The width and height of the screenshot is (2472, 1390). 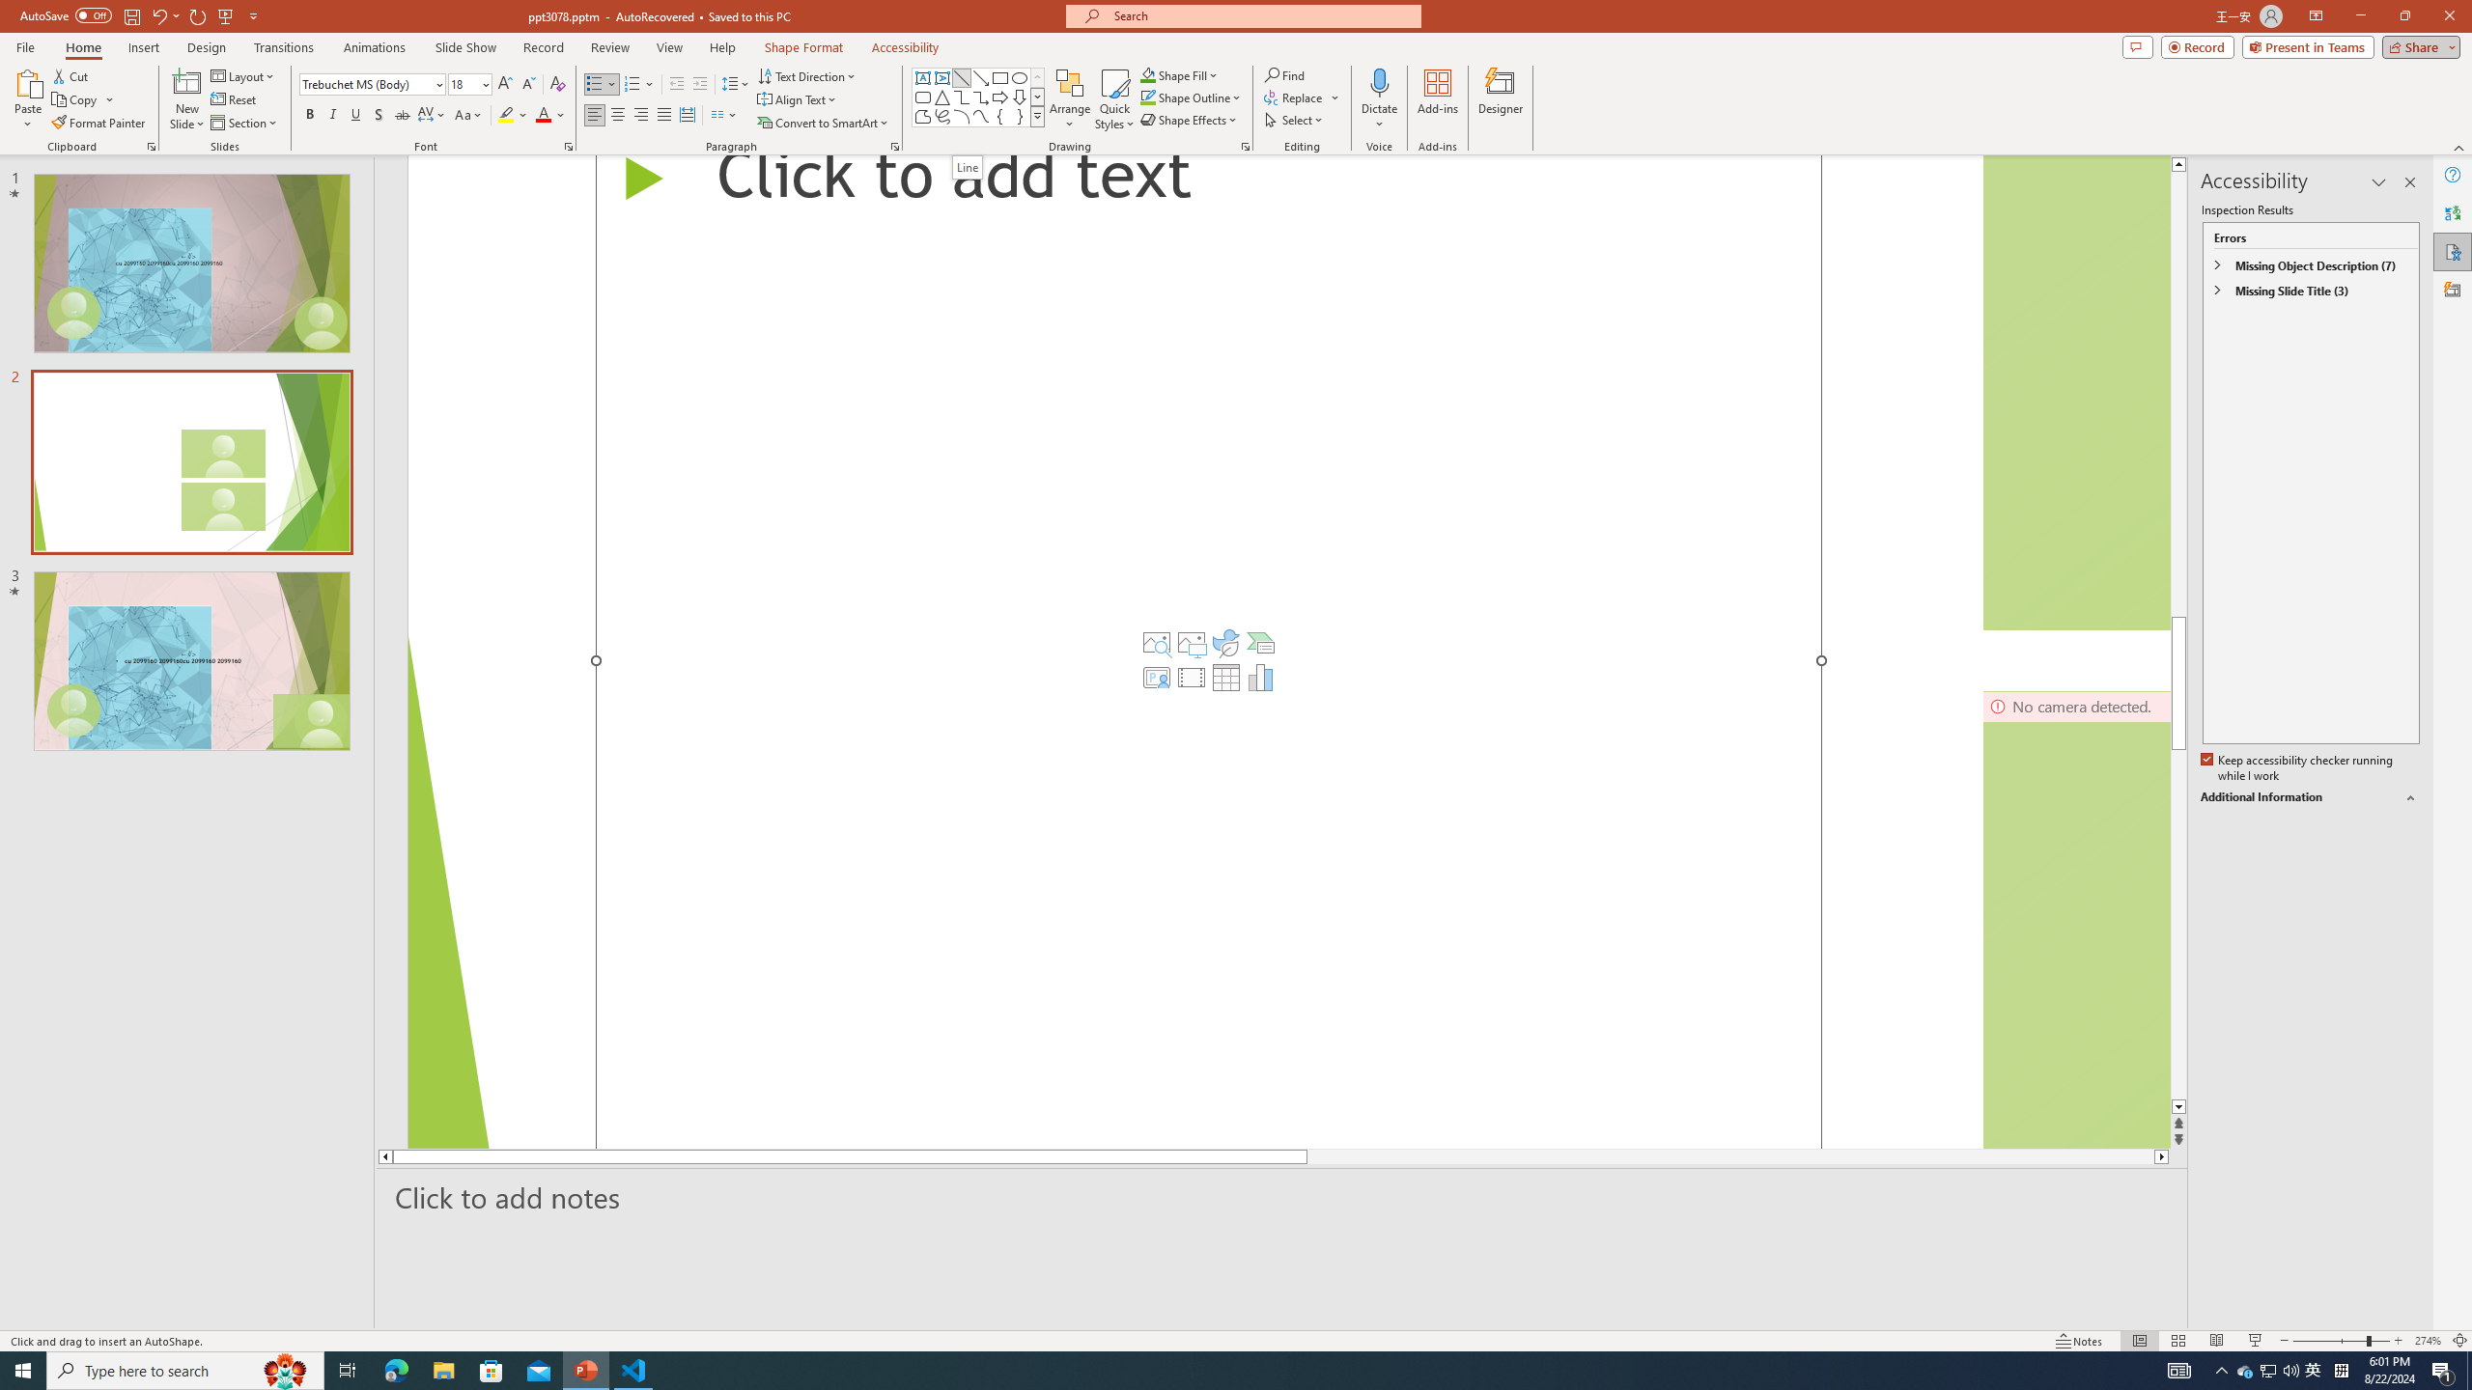 What do you see at coordinates (464, 84) in the screenshot?
I see `'Font Size'` at bounding box center [464, 84].